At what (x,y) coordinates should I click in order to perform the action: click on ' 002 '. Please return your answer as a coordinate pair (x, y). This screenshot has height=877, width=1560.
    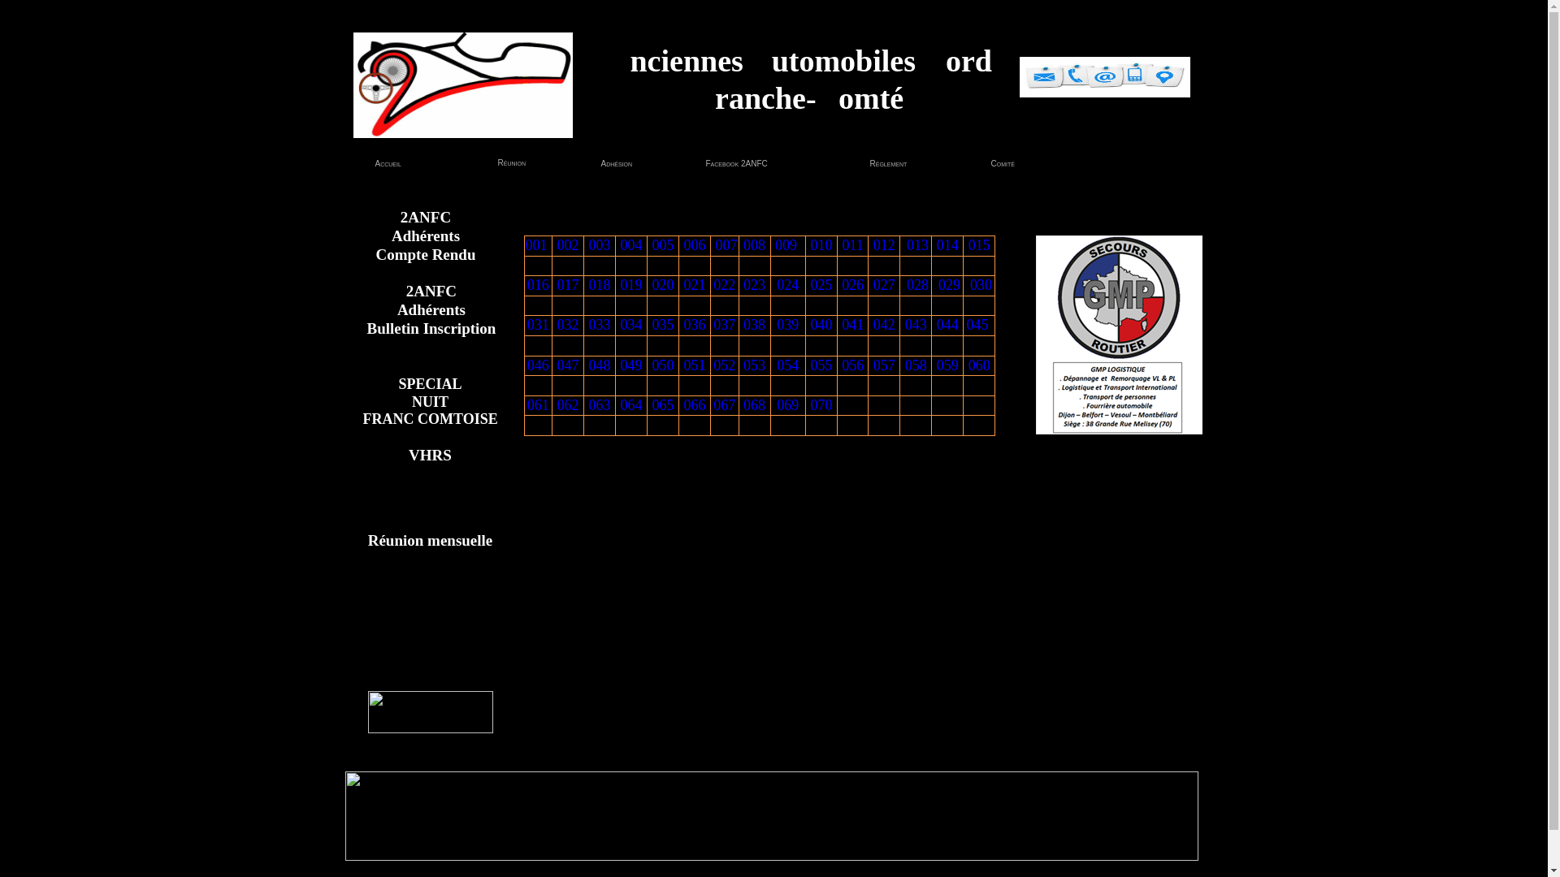
    Looking at the image, I should click on (553, 244).